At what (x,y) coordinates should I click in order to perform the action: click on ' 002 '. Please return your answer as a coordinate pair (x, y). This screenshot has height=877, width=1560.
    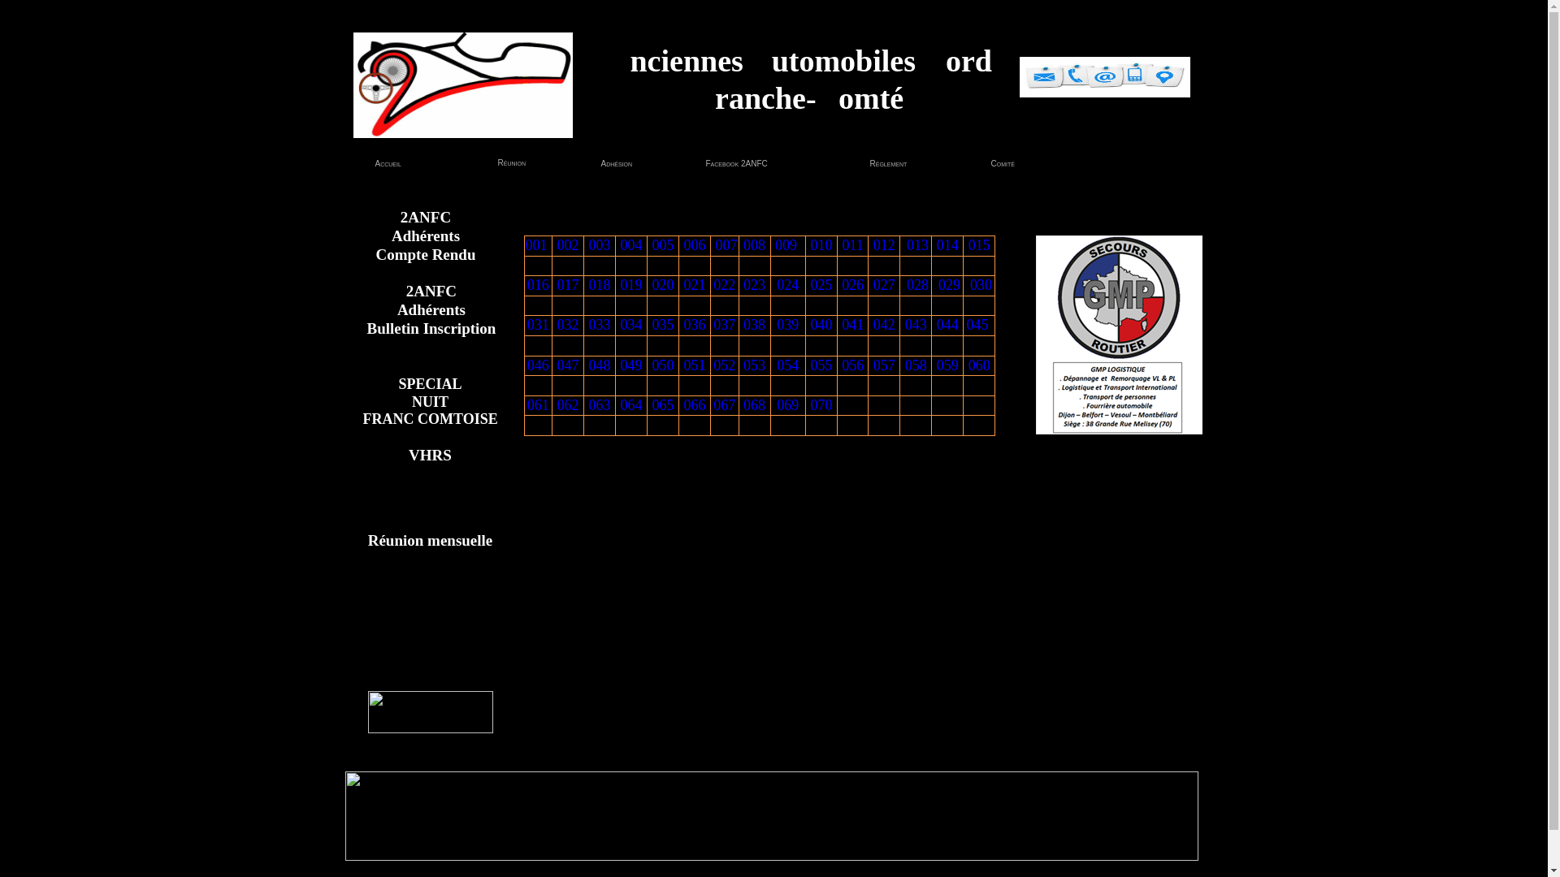
    Looking at the image, I should click on (553, 244).